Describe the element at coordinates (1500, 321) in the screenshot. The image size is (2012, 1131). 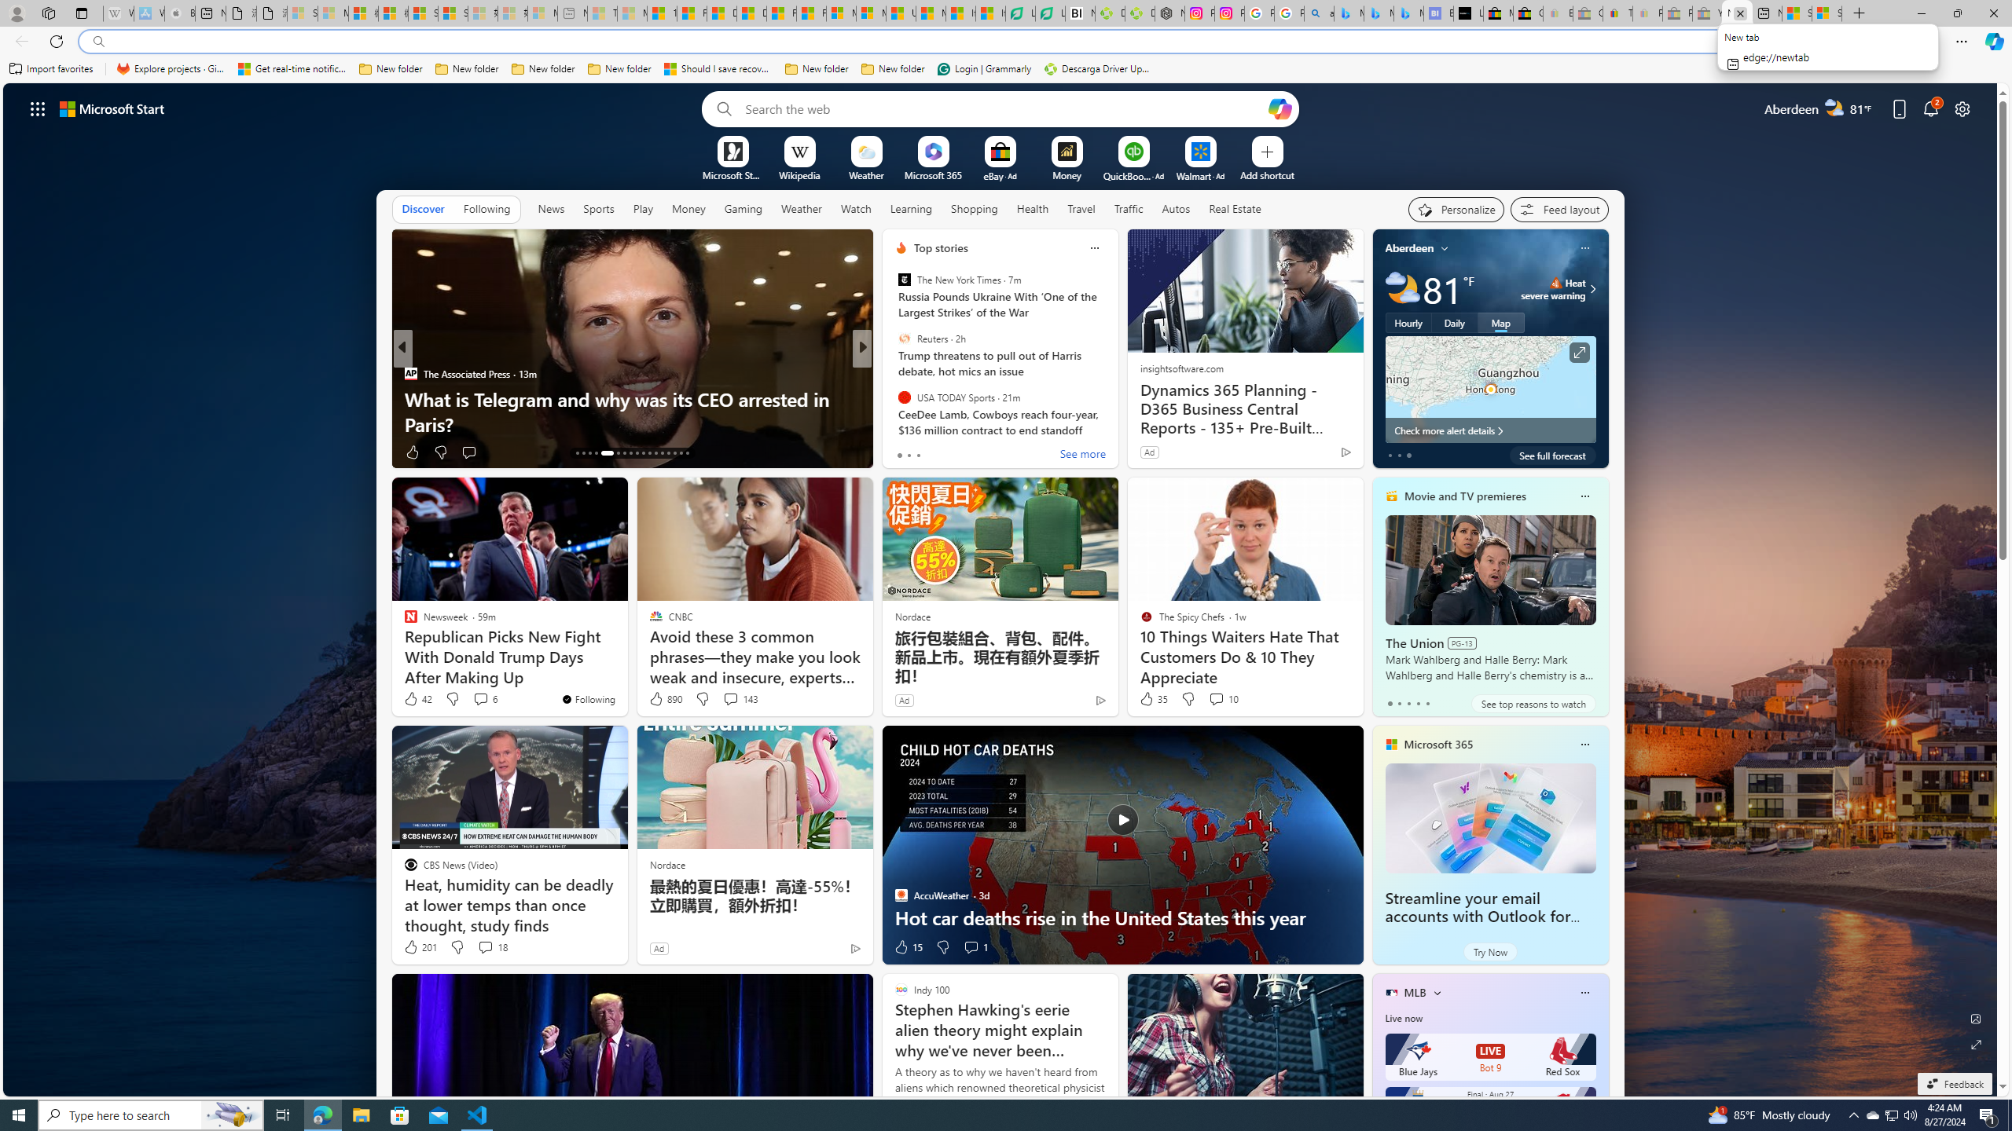
I see `'Map'` at that location.